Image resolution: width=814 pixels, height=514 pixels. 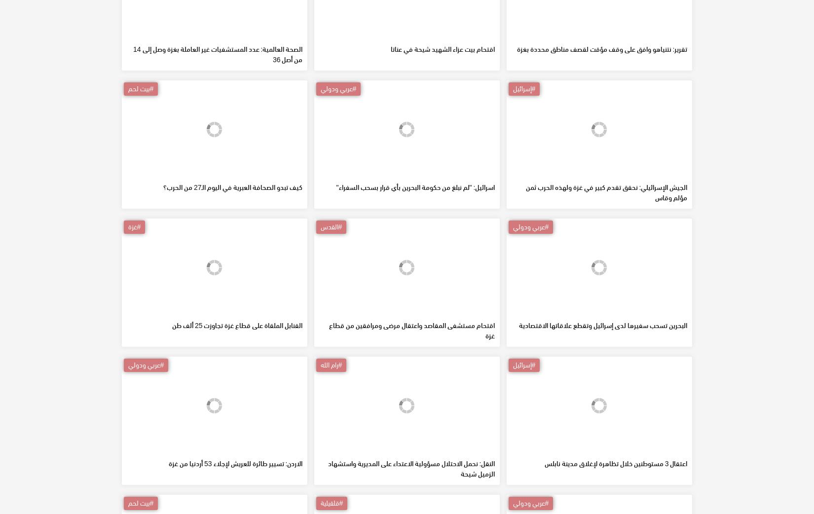 What do you see at coordinates (525, 263) in the screenshot?
I see `'الجيش الإسرائيلي: نحقق تقدم كبير في غزة ولهذه الحرب ثمن مؤلم وقاس'` at bounding box center [525, 263].